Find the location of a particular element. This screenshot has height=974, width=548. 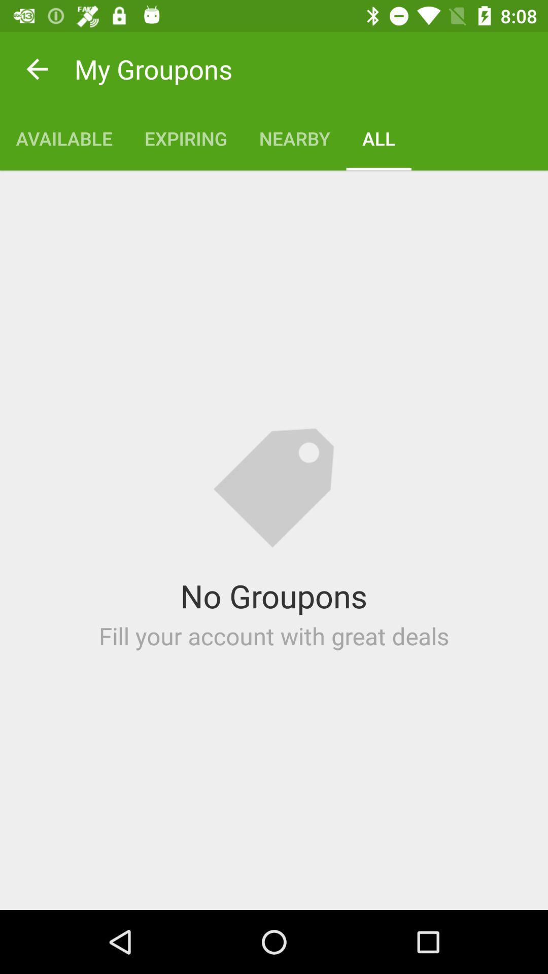

the icon below my groupons item is located at coordinates (64, 138).